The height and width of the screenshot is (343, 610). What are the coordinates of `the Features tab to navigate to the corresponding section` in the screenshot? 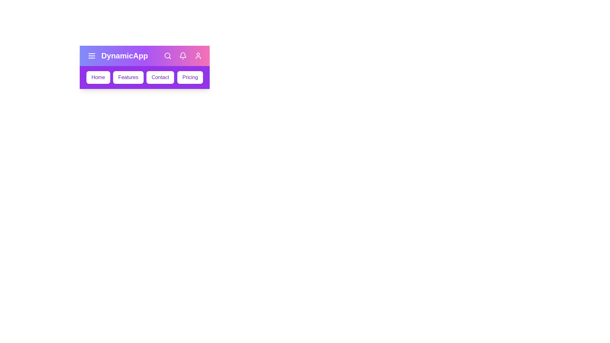 It's located at (128, 77).